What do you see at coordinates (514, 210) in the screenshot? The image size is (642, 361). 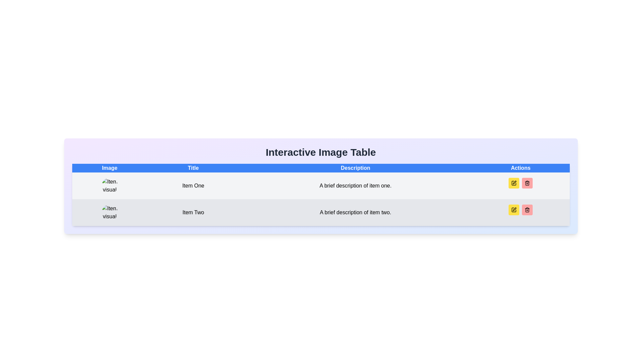 I see `the edit button located in the second row of the 'Actions' column of the interactive table, which is positioned to the left of the red trash can icon` at bounding box center [514, 210].